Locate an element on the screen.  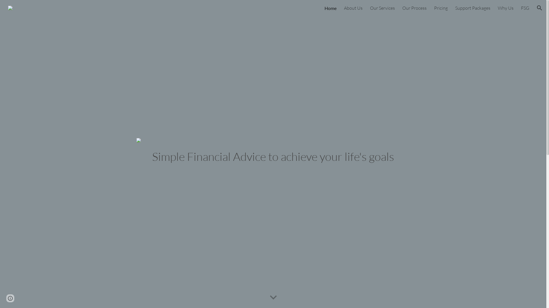
'Home' is located at coordinates (331, 8).